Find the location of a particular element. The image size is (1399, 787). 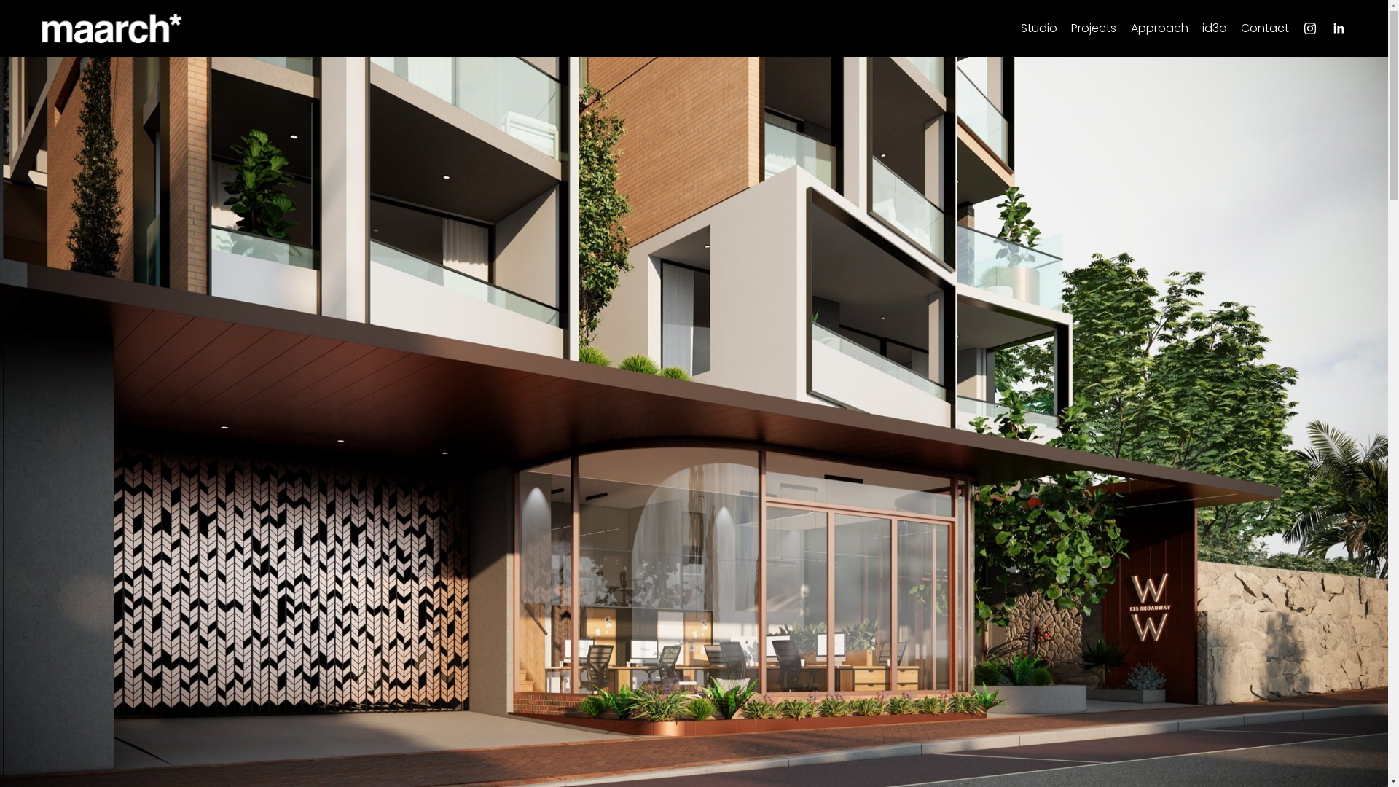

'id3a' is located at coordinates (1214, 28).